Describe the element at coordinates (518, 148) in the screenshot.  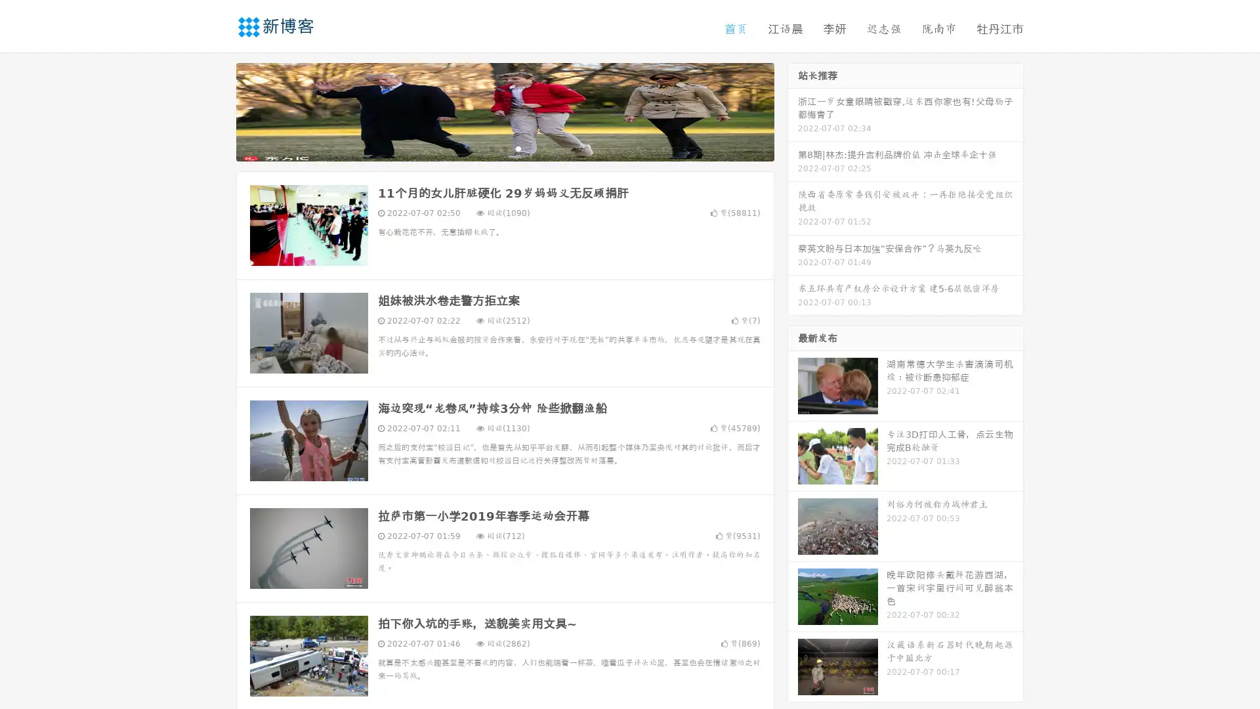
I see `Go to slide 3` at that location.